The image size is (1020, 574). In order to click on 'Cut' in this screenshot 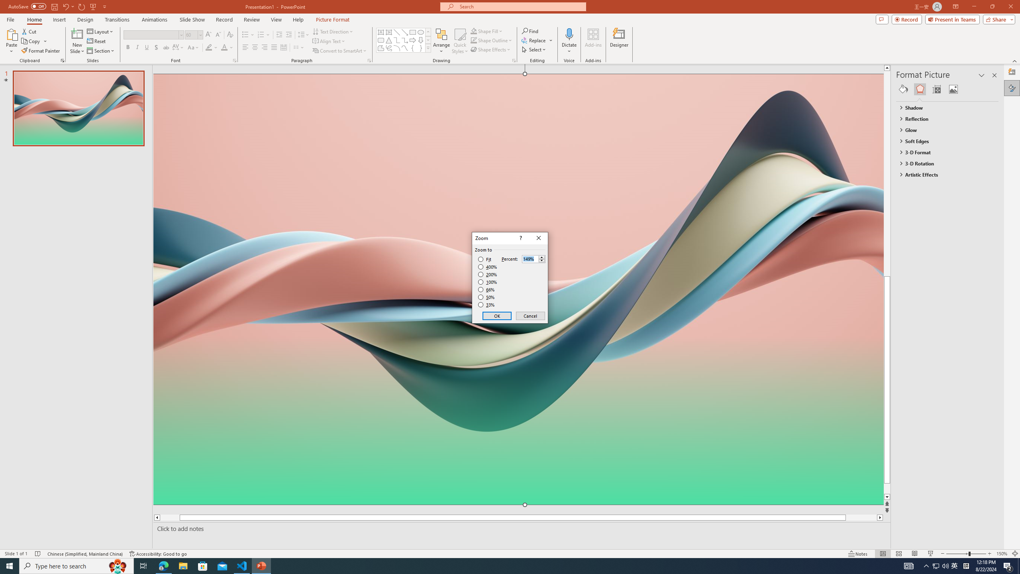, I will do `click(29, 31)`.